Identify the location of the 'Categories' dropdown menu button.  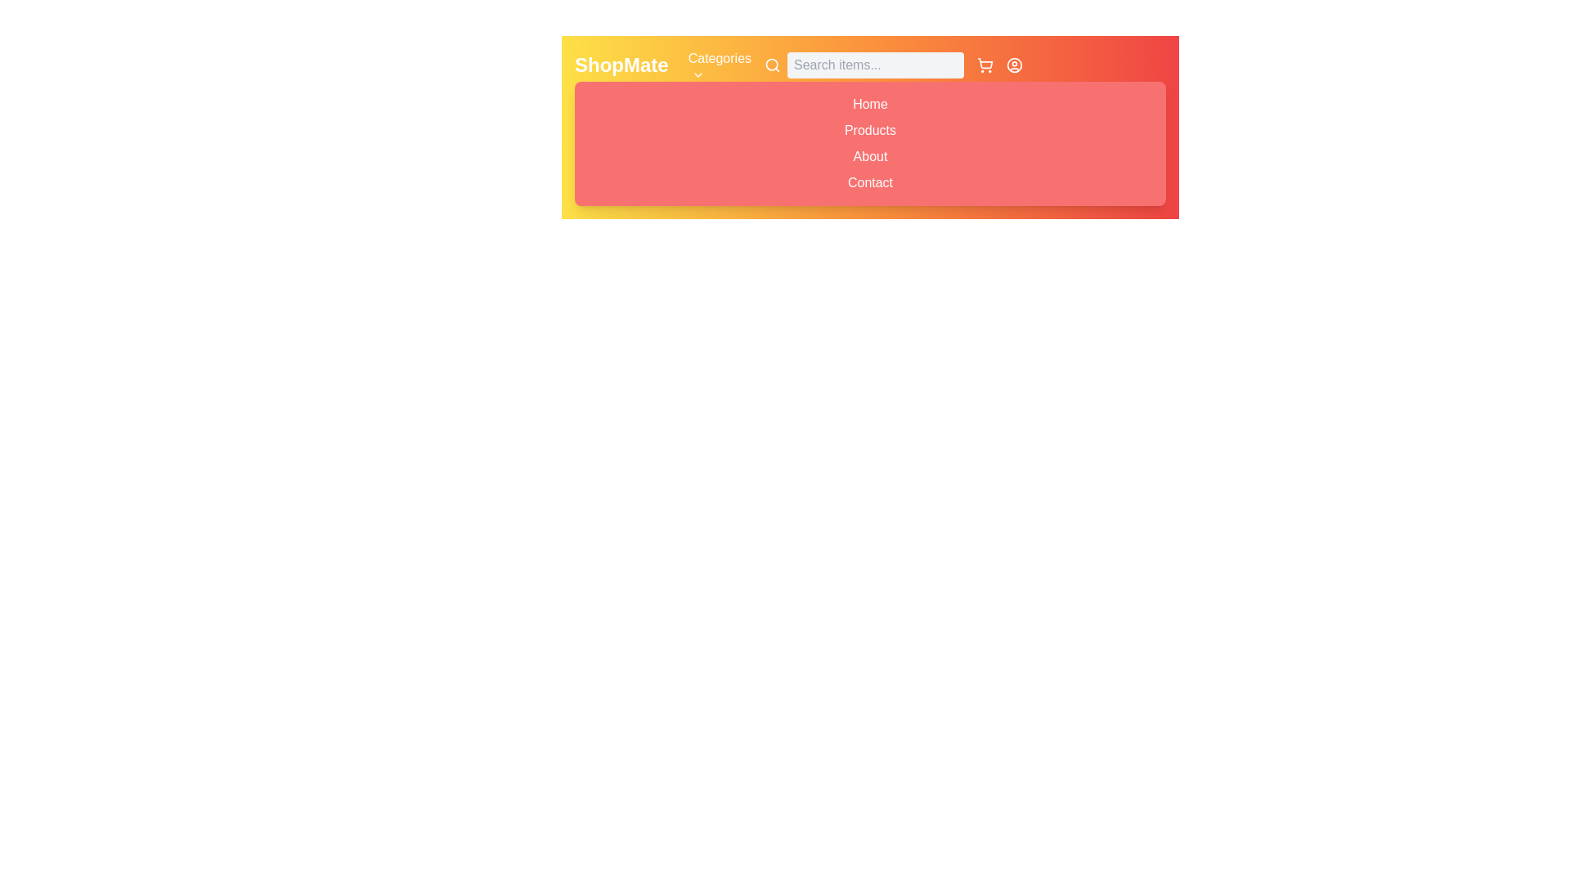
(720, 65).